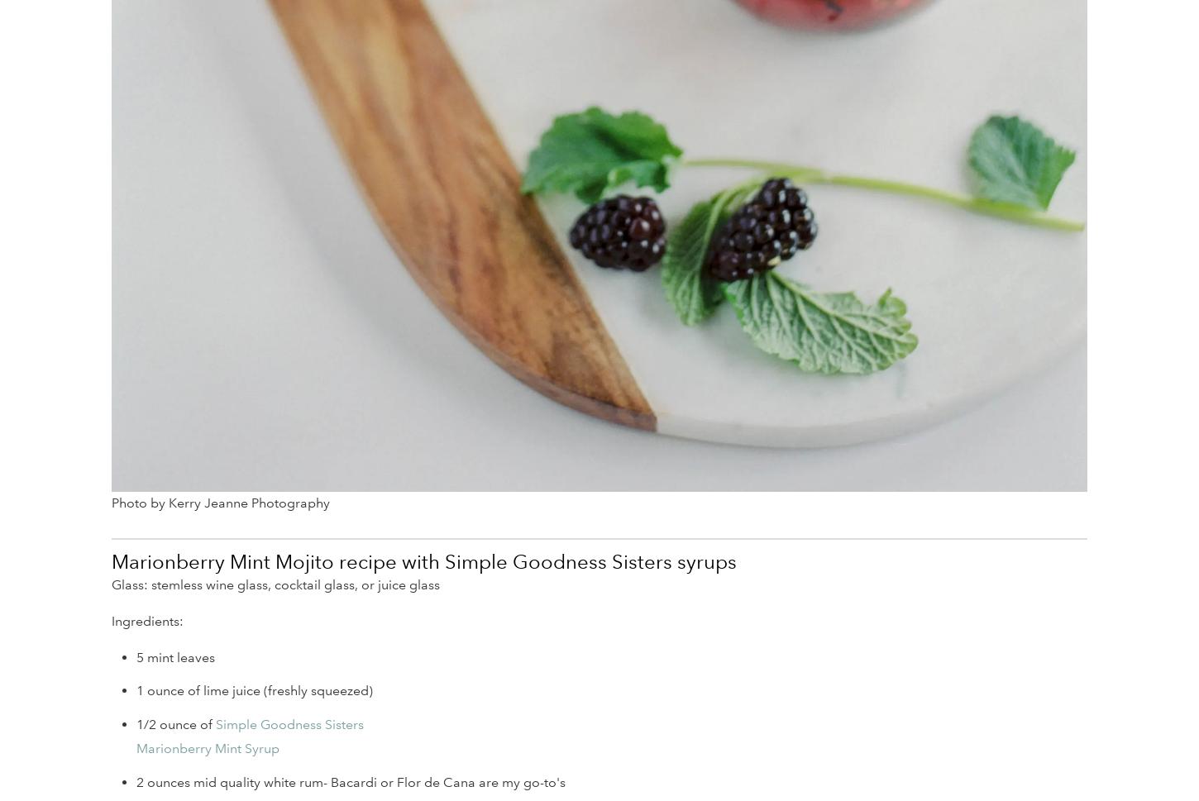  I want to click on 'Ingredients:', so click(146, 619).